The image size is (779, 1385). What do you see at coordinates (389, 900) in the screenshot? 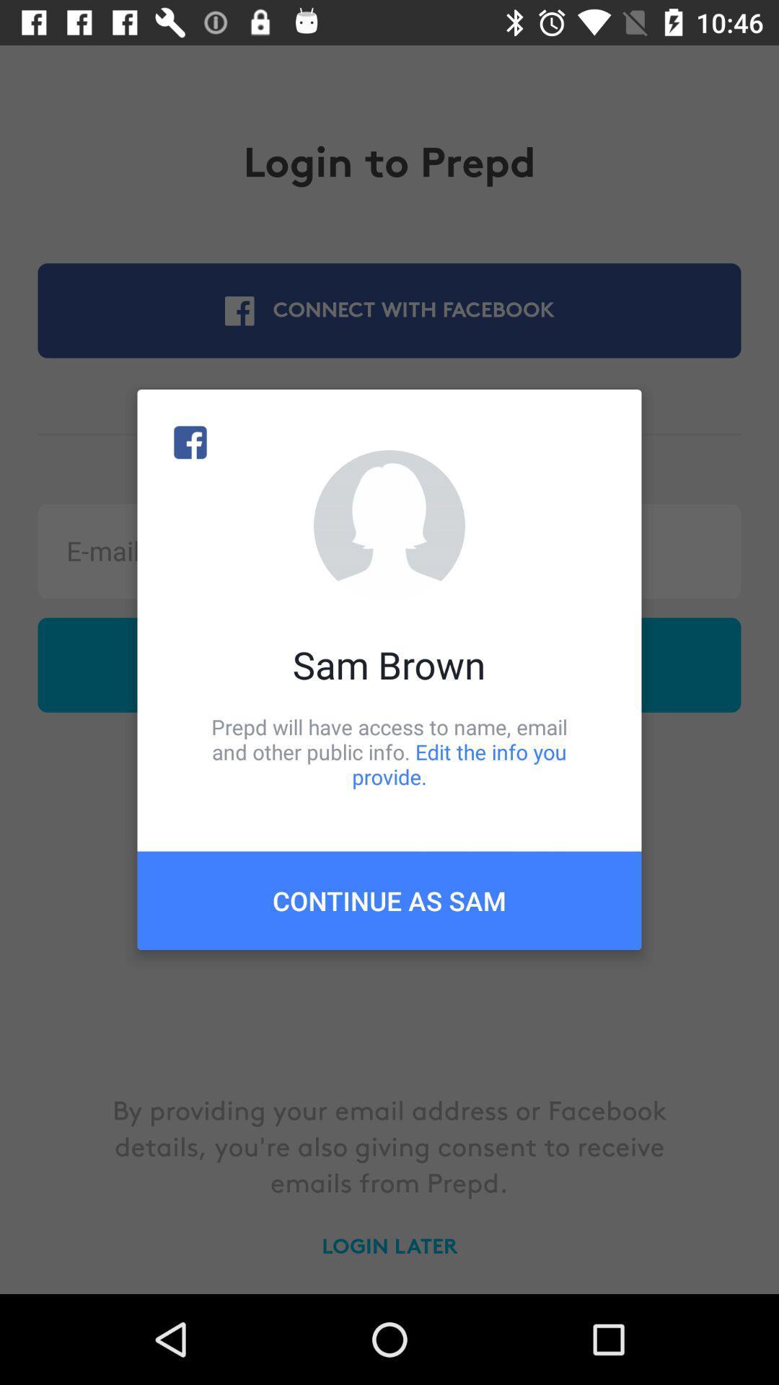
I see `the continue as sam` at bounding box center [389, 900].